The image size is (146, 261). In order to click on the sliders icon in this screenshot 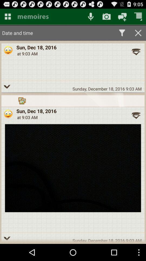, I will do `click(49, 18)`.